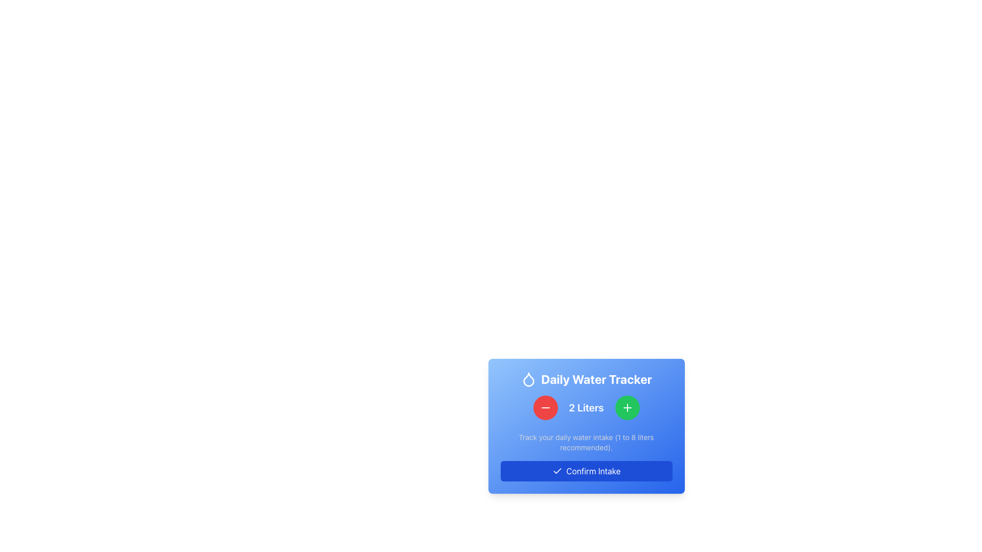 This screenshot has height=552, width=982. I want to click on the checkmark icon located on the left side of the 'Confirm Intake' button, which visually indicates confirmation, so click(556, 471).